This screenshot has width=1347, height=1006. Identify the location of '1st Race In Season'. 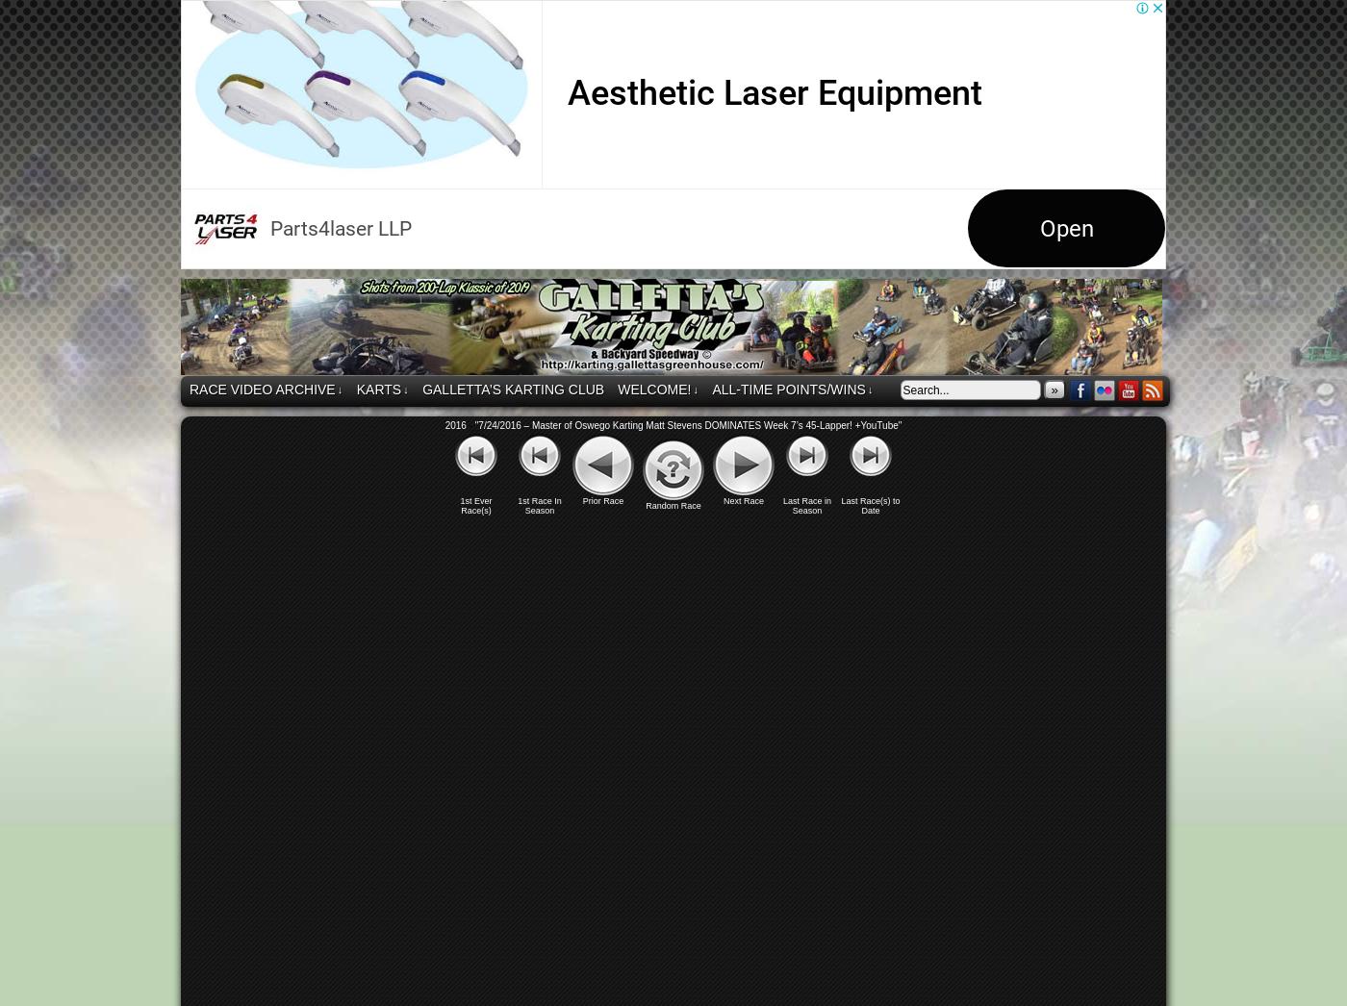
(539, 505).